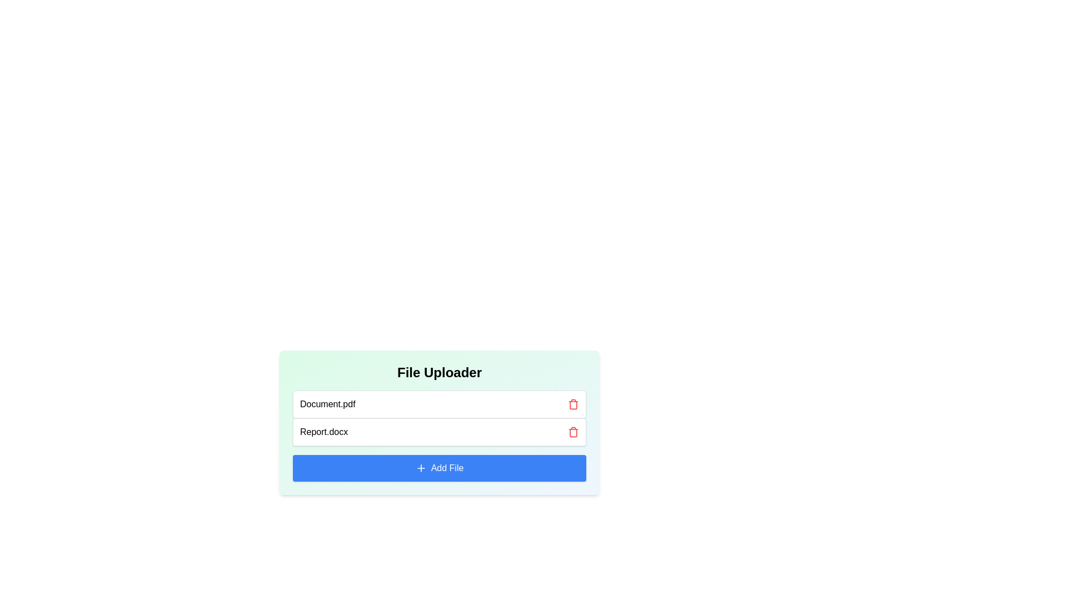 Image resolution: width=1067 pixels, height=600 pixels. I want to click on the SVG Icon representing a plus sign inside the 'Add File' button, so click(420, 468).